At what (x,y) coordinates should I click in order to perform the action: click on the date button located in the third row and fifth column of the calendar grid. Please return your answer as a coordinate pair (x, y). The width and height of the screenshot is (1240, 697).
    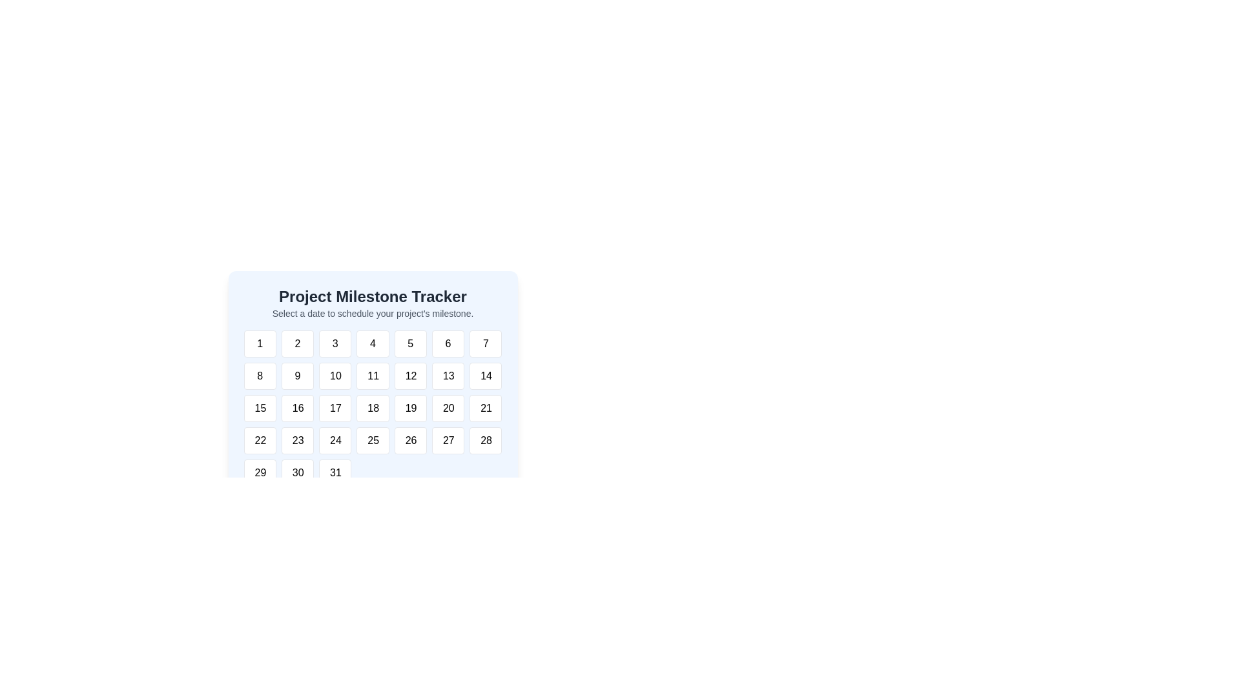
    Looking at the image, I should click on (409, 408).